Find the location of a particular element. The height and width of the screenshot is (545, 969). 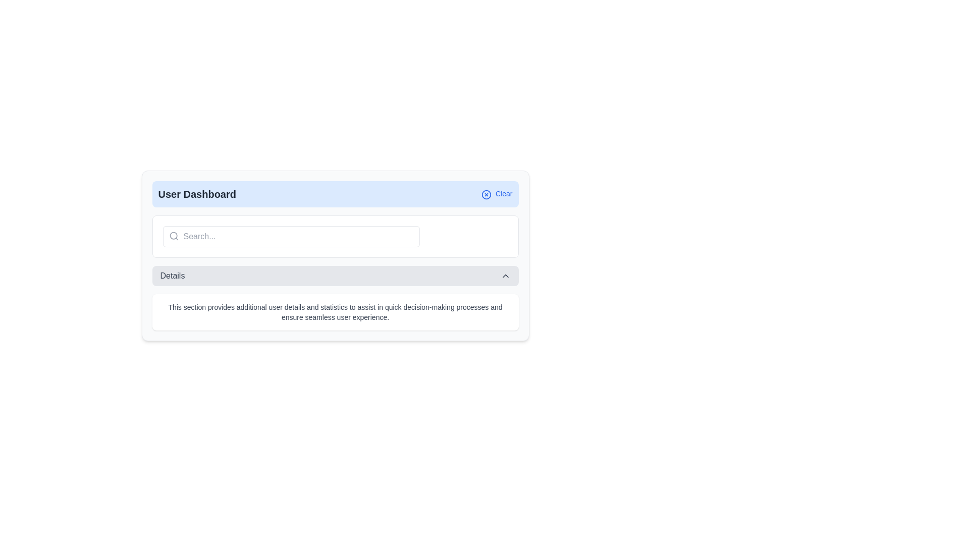

the circular icon featuring a cross shape in its center, located adjacent to the 'Clear' text on the top right of the User Dashboard panel is located at coordinates (487, 194).